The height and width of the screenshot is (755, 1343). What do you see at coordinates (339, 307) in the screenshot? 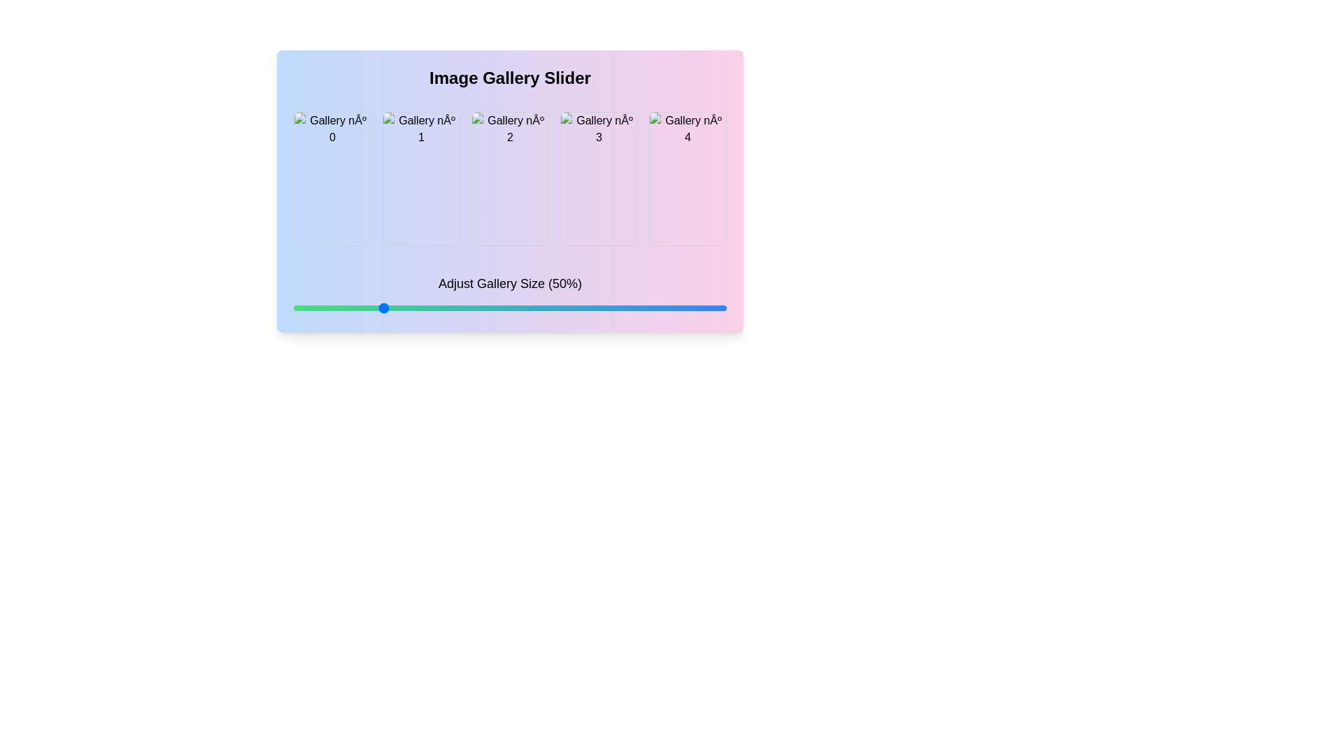
I see `the gallery size slider to 38%` at bounding box center [339, 307].